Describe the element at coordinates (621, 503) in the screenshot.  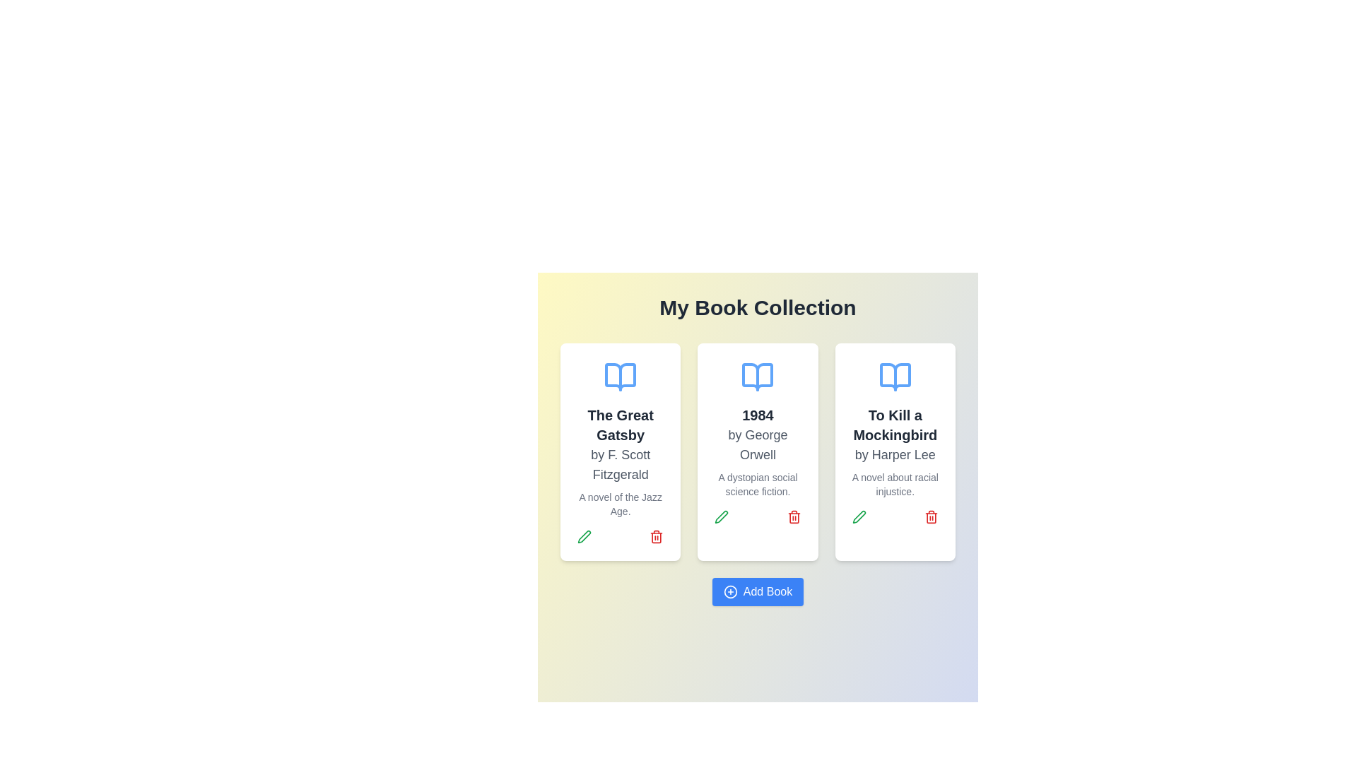
I see `the textual label that displays 'A novel of the Jazz Age.' located below the text 'by F. Scott Fitzgerald' in the leftmost card of a card group` at that location.